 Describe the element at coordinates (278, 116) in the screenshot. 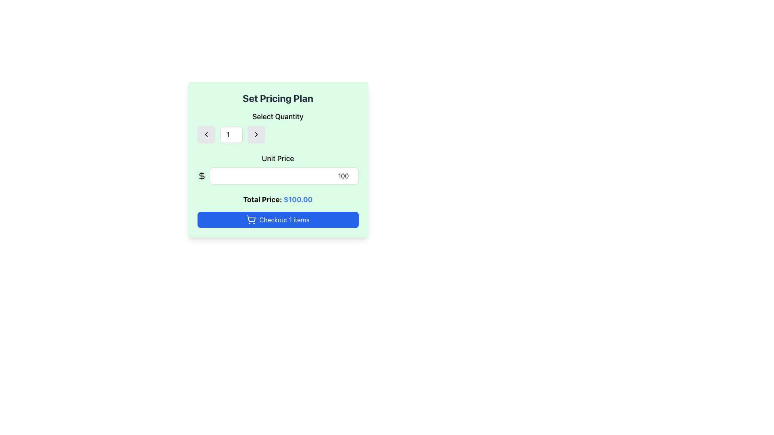

I see `informational text from the Label located above the quantity input field in the 'Set Pricing Plan' form panel` at that location.